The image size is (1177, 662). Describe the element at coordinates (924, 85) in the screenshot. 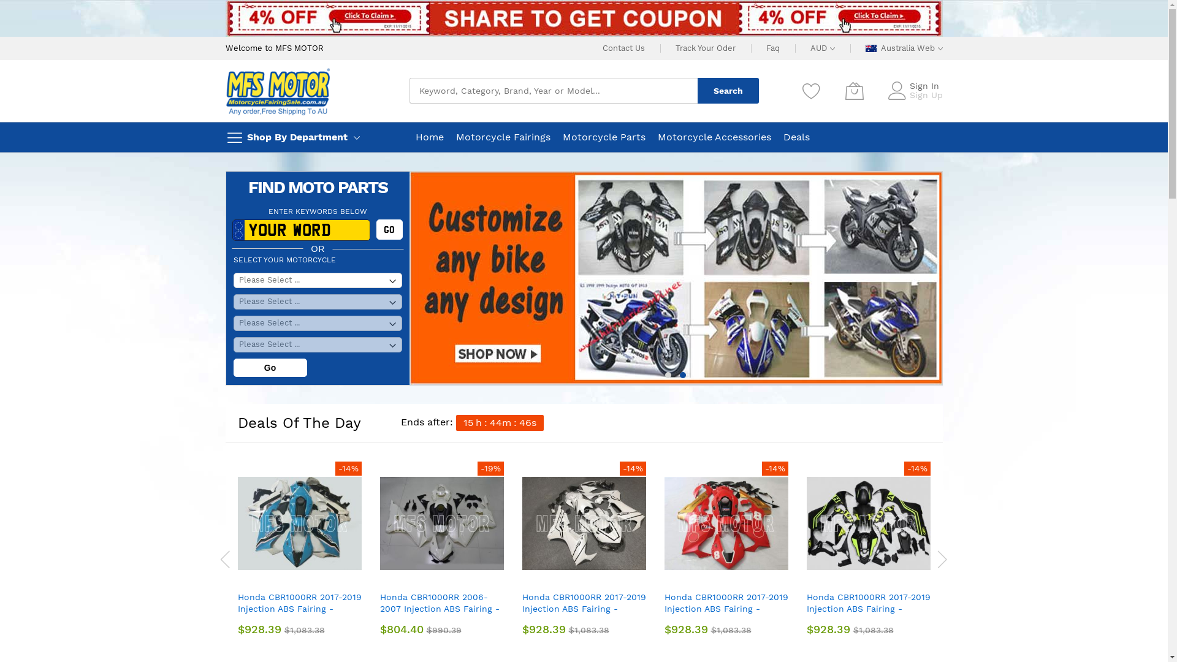

I see `'Sign In'` at that location.